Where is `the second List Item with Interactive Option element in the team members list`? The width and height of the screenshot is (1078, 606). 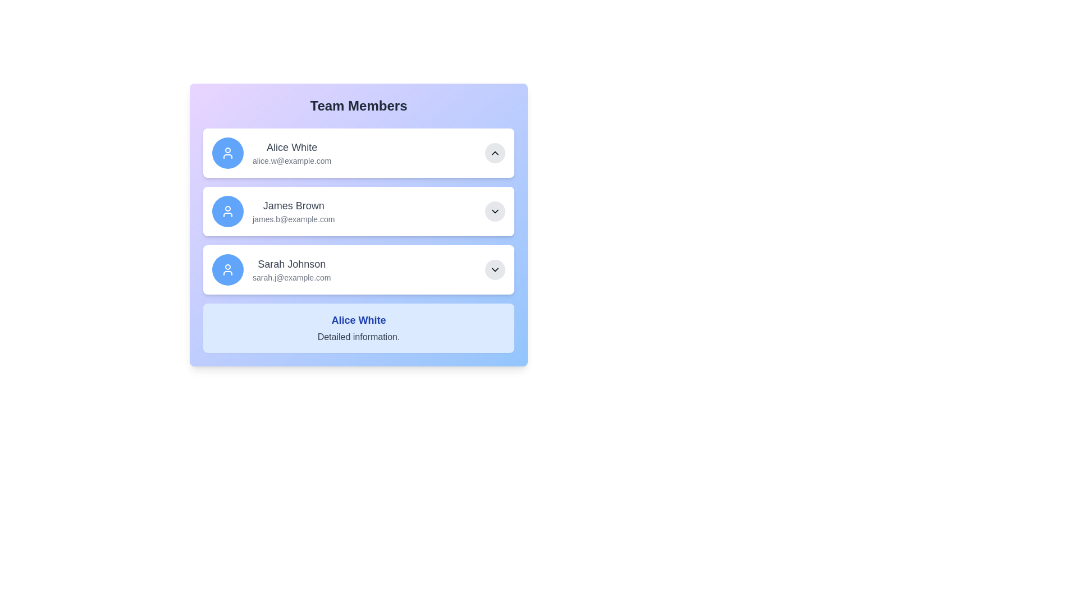
the second List Item with Interactive Option element in the team members list is located at coordinates (358, 212).